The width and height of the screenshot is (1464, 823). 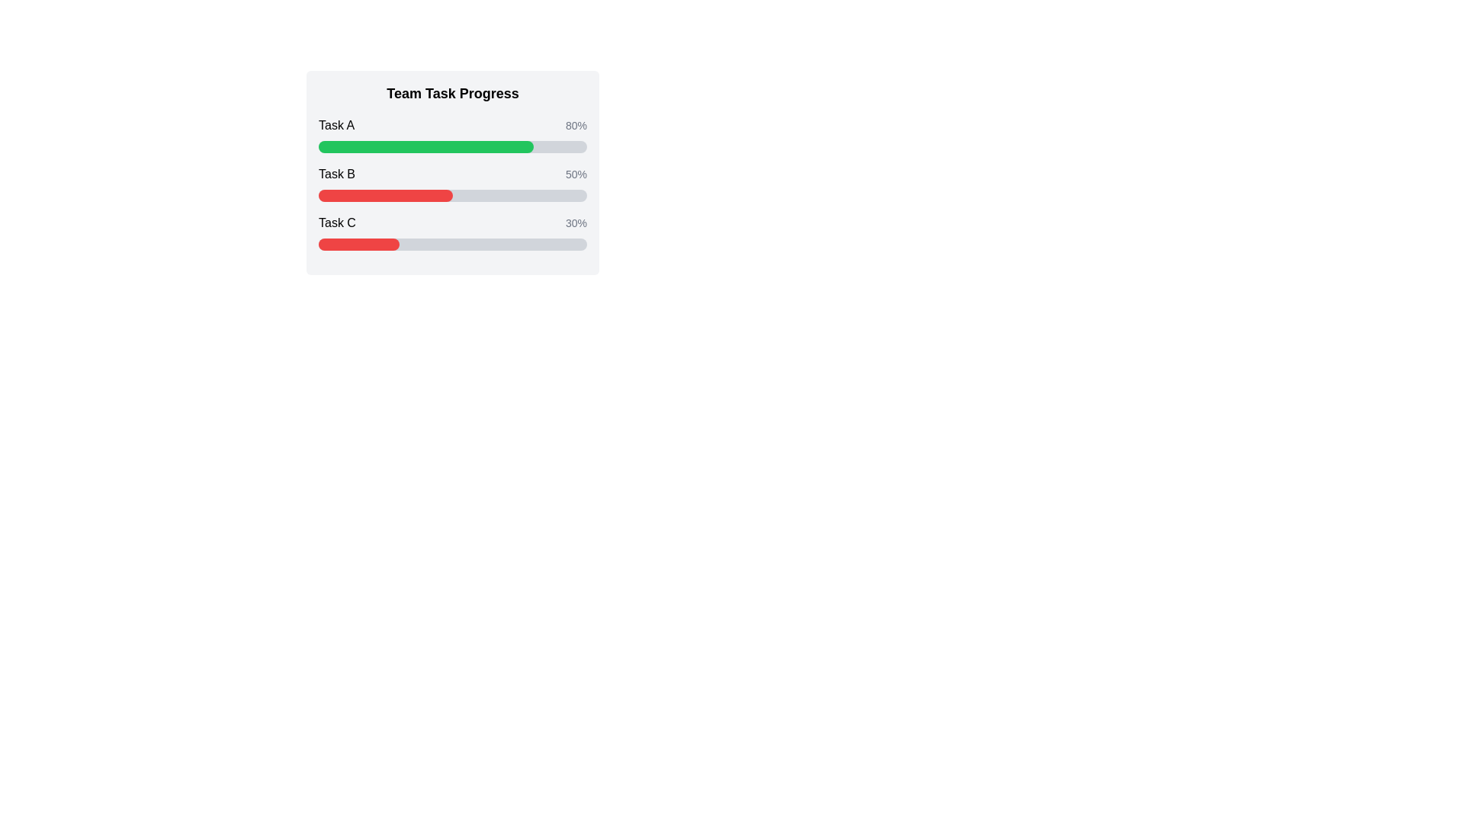 I want to click on the Text label displaying the completion percentage of 'Task B', which is located in the progress tracking interface, aligned horizontally with the task name, so click(x=575, y=173).